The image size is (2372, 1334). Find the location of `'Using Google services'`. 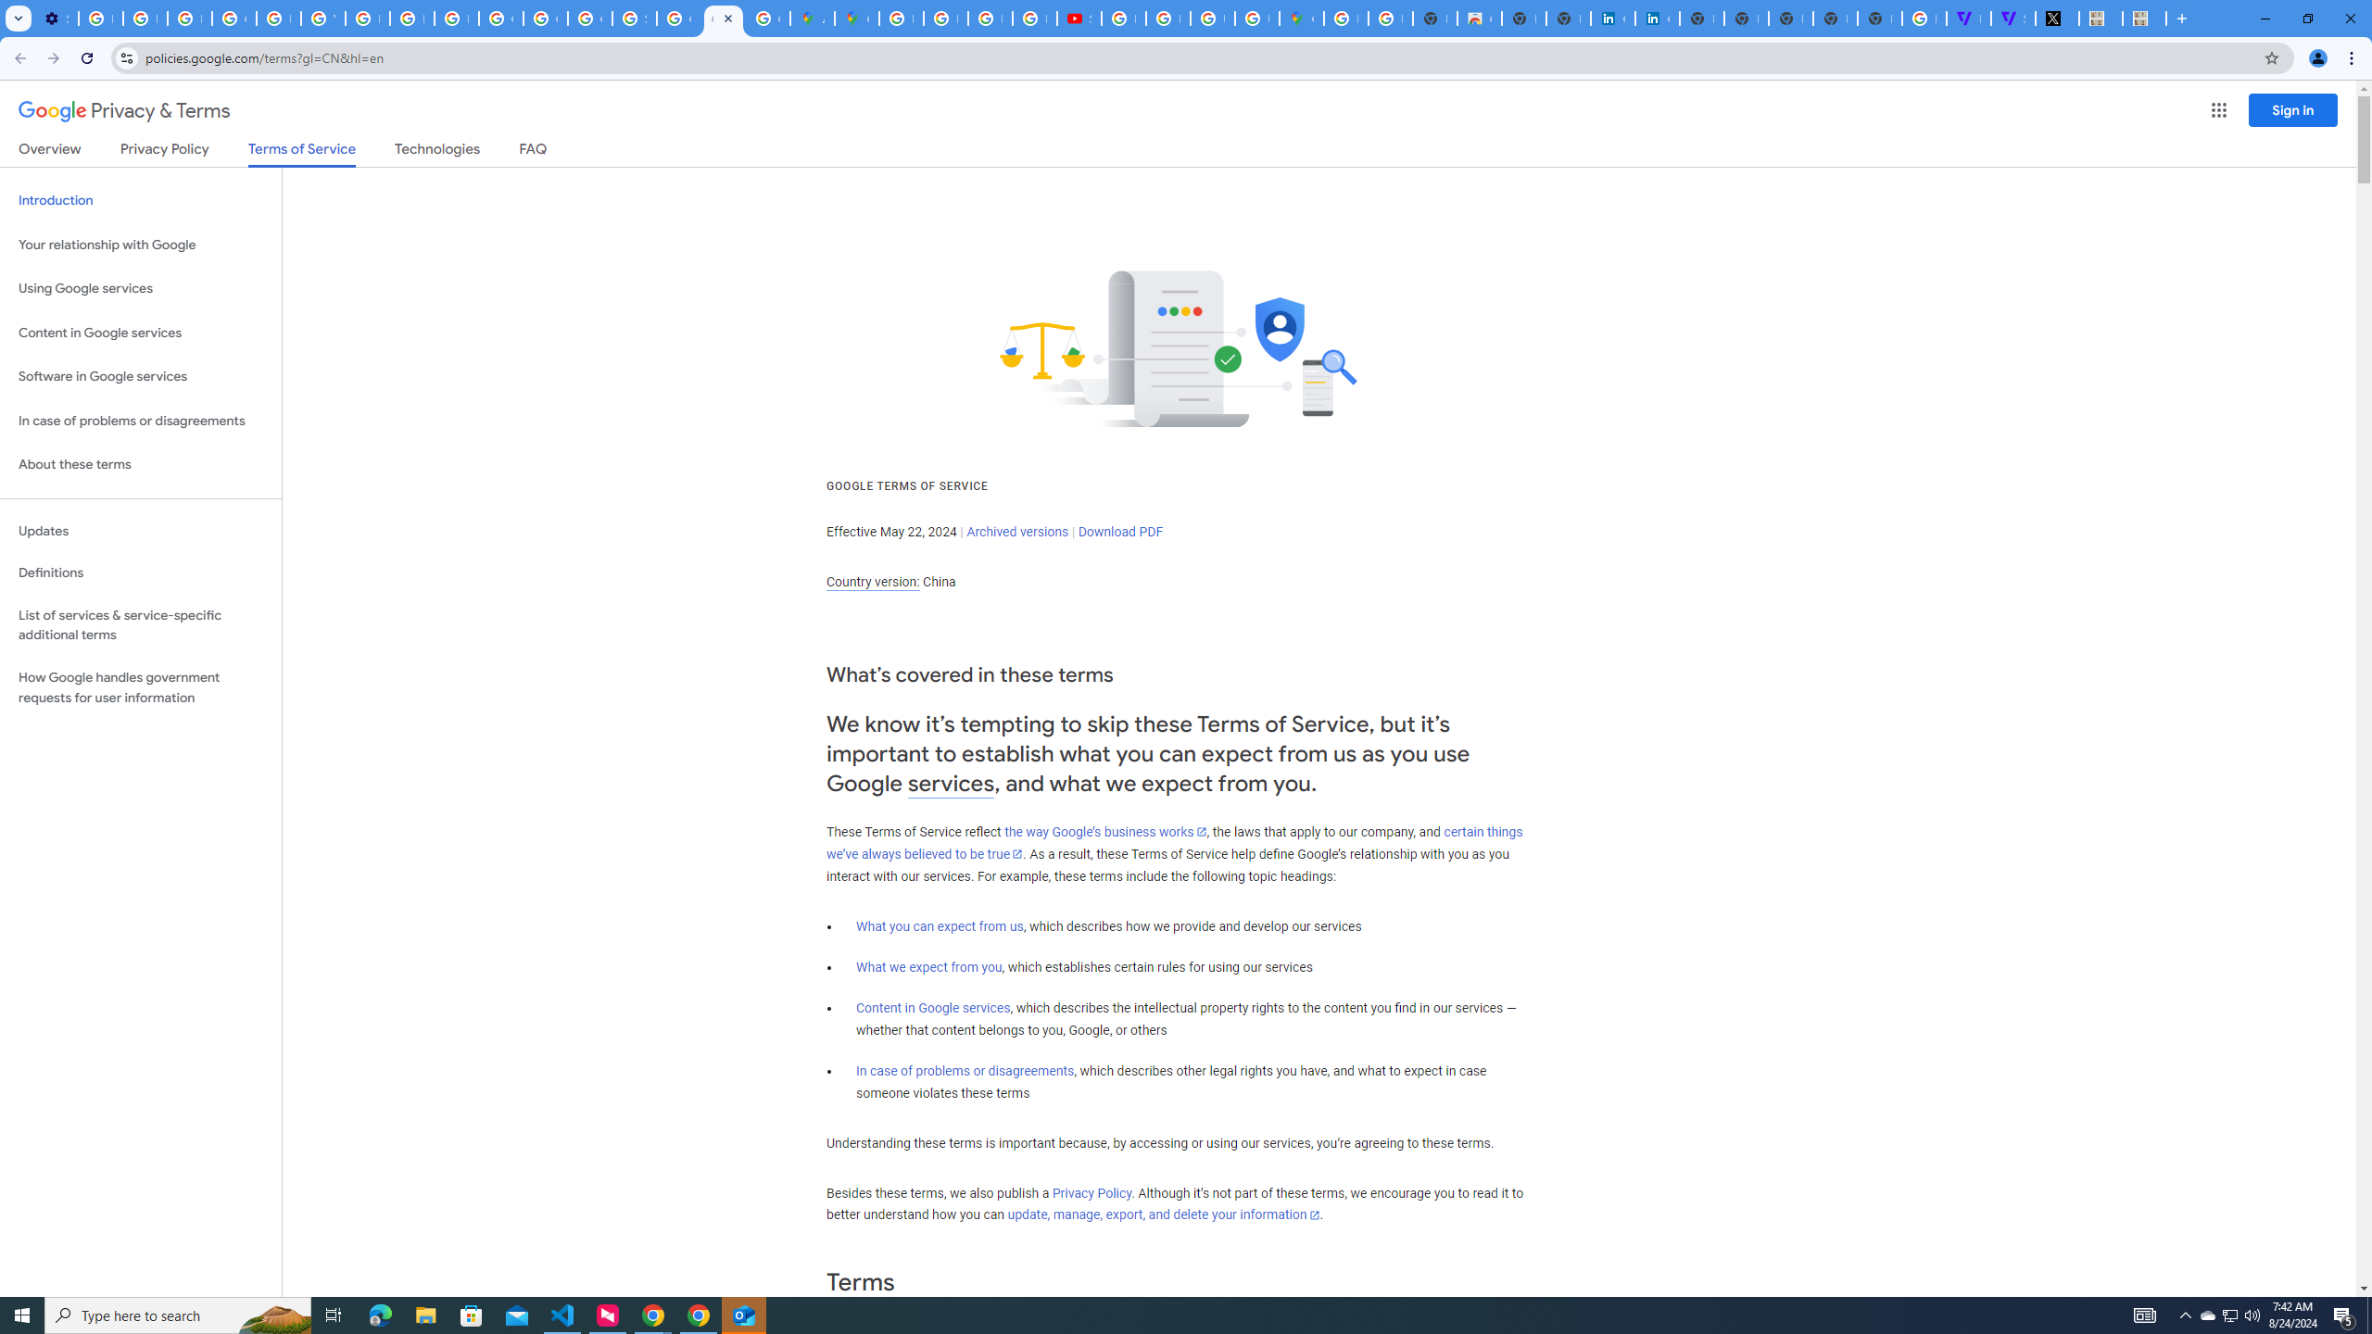

'Using Google services' is located at coordinates (140, 287).